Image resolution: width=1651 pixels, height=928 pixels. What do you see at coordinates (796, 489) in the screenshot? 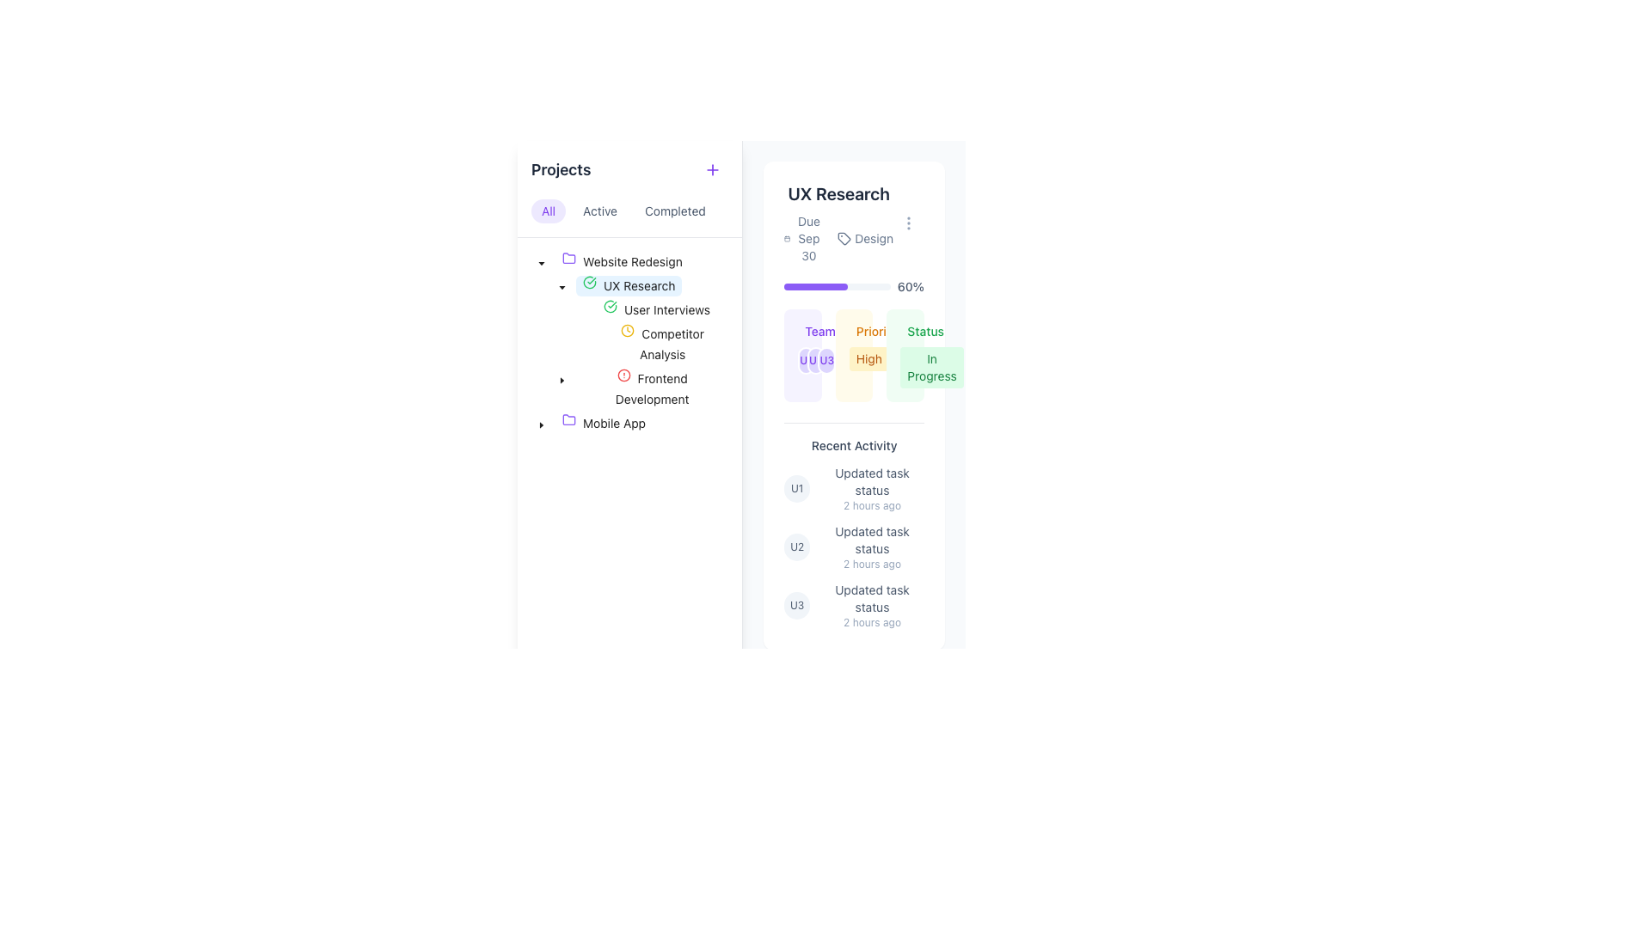
I see `the user avatar icon located in the 'Recent Activity' section, which is positioned to the left of the text 'Updated task status' and above 'U2'` at bounding box center [796, 489].